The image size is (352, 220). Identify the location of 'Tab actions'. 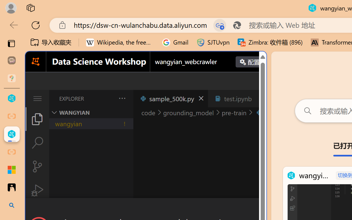
(260, 98).